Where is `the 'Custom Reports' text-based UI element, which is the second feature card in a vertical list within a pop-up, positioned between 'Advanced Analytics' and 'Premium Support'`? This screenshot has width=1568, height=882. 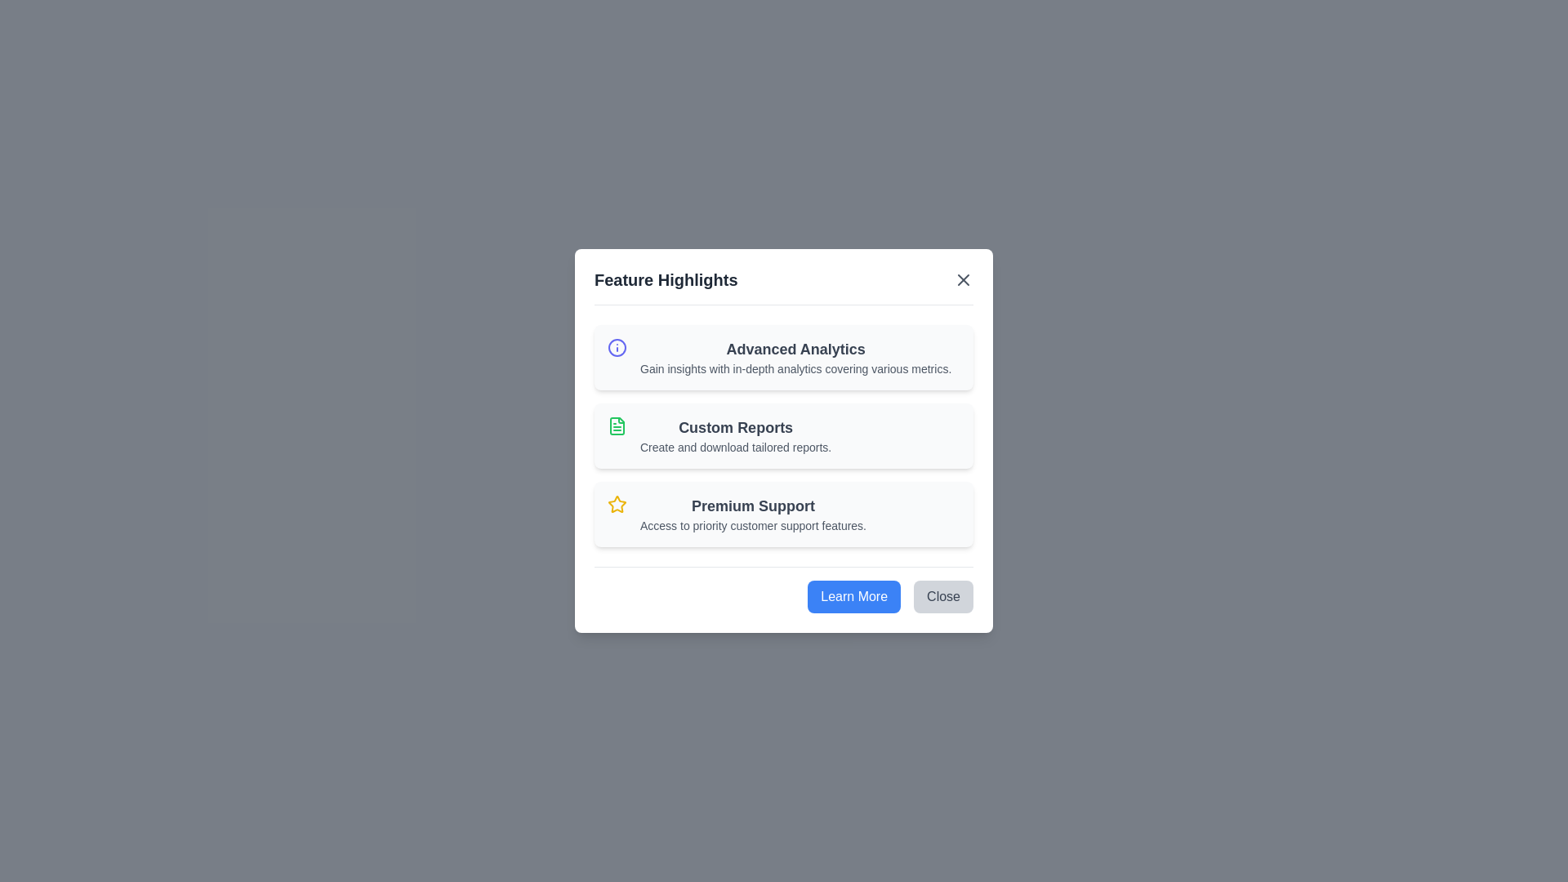 the 'Custom Reports' text-based UI element, which is the second feature card in a vertical list within a pop-up, positioned between 'Advanced Analytics' and 'Premium Support' is located at coordinates (735, 434).